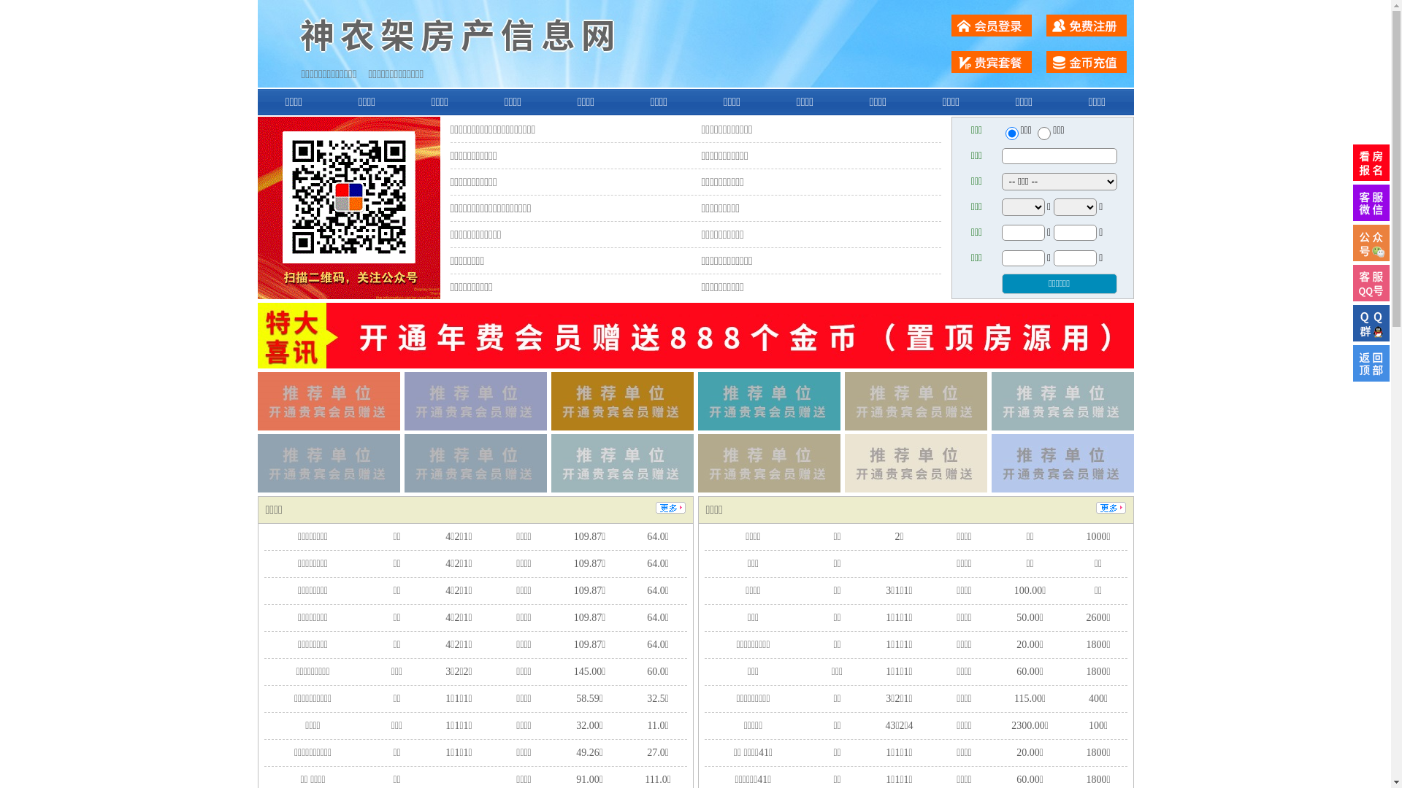 Image resolution: width=1402 pixels, height=788 pixels. I want to click on 'chuzu', so click(1043, 133).